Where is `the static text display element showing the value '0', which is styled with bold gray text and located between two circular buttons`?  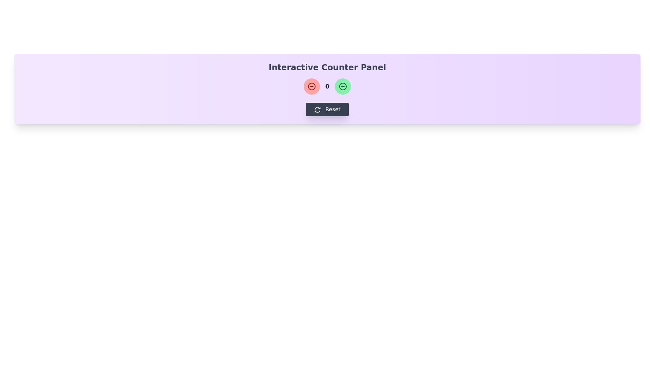
the static text display element showing the value '0', which is styled with bold gray text and located between two circular buttons is located at coordinates (327, 86).